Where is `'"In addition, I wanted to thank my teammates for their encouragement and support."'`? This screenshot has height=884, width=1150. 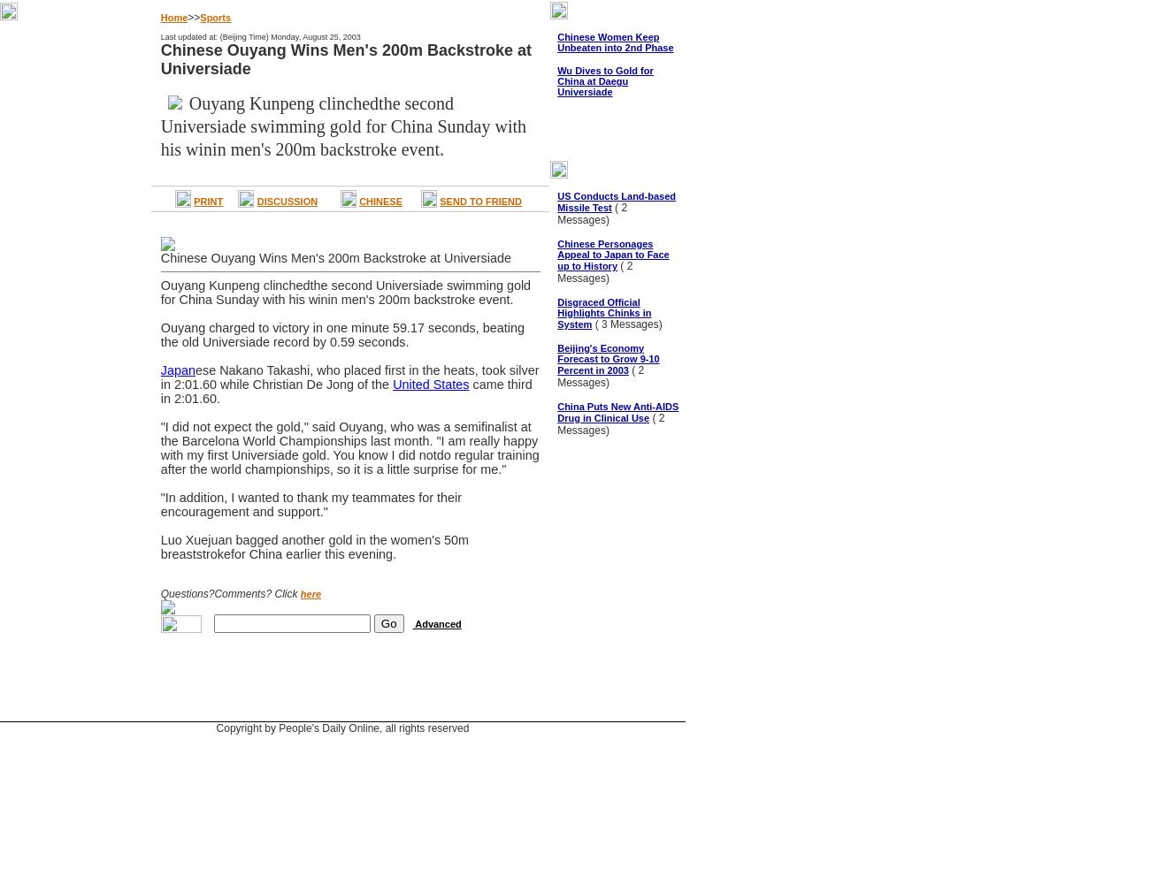 '"In addition, I wanted to thank my teammates for their encouragement and support."' is located at coordinates (310, 504).